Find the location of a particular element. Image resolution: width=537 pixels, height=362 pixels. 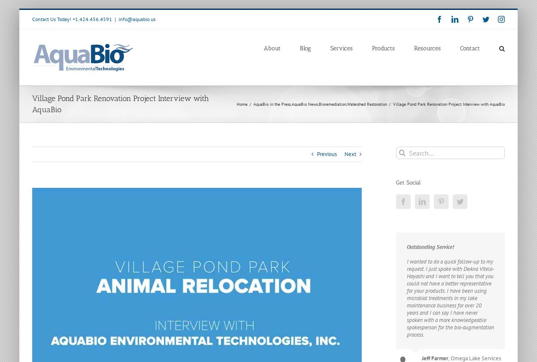

'Nutrient Removal Using Floating Treatment Wetlands' is located at coordinates (372, 167).